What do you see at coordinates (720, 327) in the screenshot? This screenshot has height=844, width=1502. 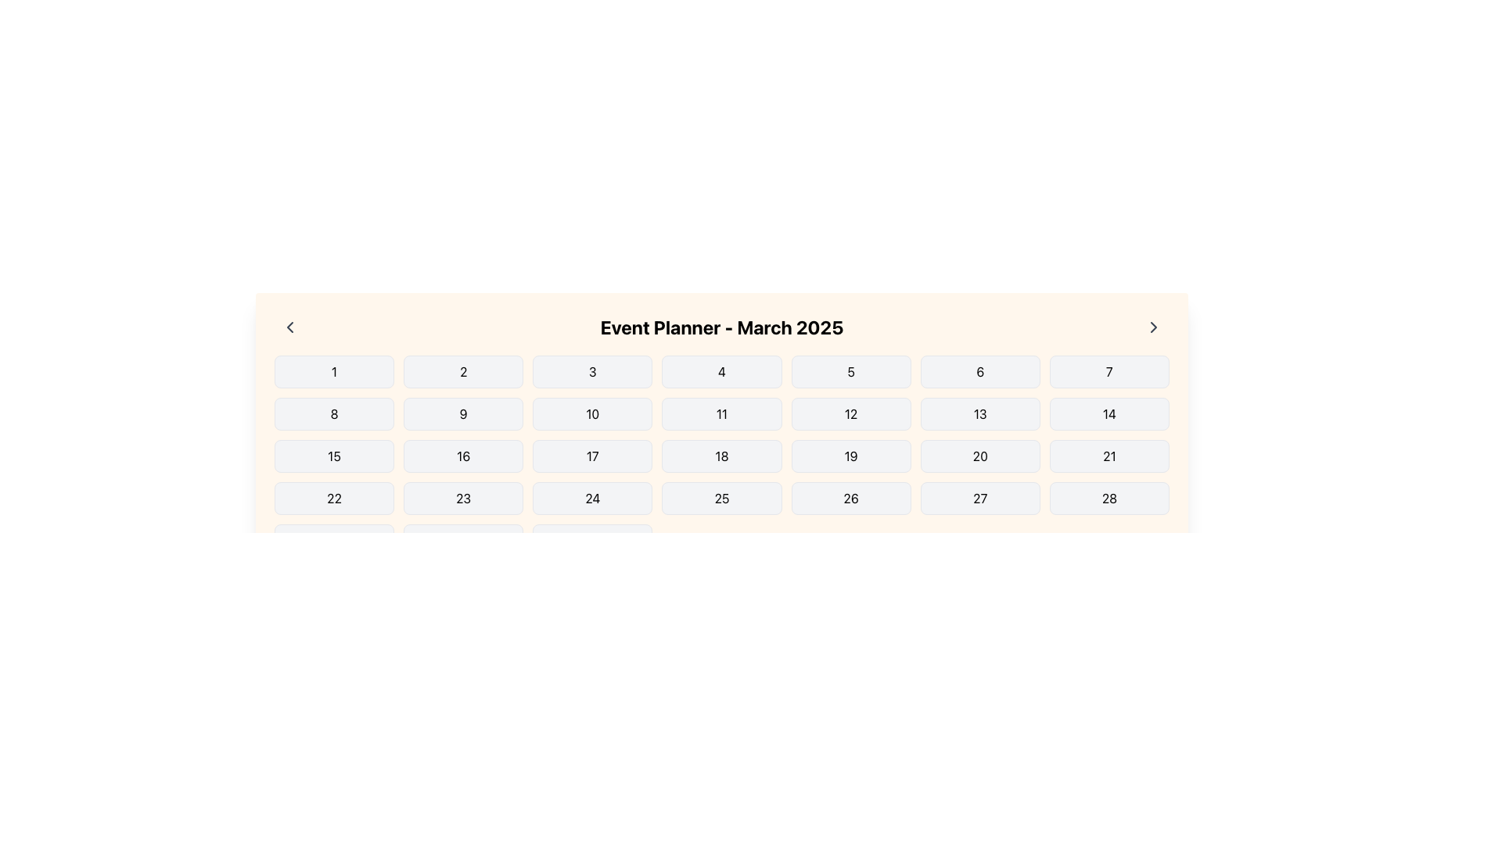 I see `the bold text display element that reads 'Event Planner - March 2025', which is centrally located between two interactive buttons` at bounding box center [720, 327].